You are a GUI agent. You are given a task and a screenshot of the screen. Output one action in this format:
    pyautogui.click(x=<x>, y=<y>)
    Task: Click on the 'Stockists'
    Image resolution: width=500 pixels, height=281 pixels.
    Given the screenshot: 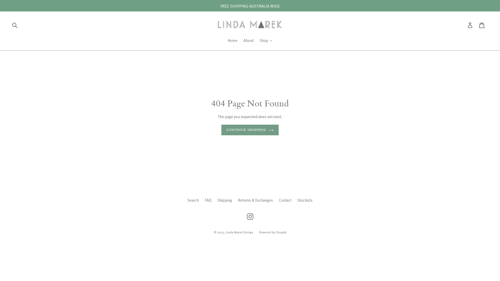 What is the action you would take?
    pyautogui.click(x=297, y=200)
    